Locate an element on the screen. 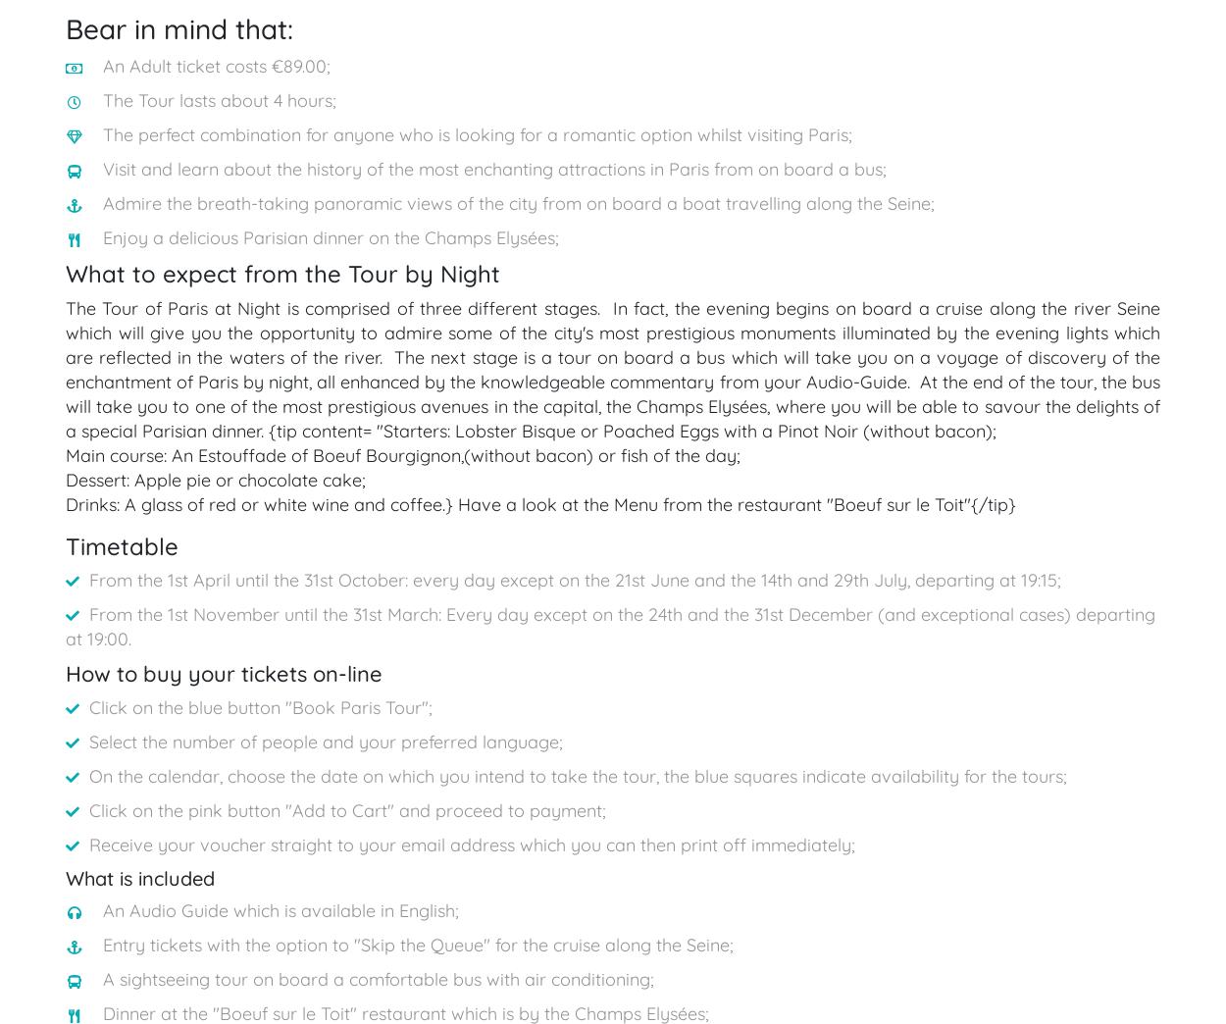  'Privacy Policy' is located at coordinates (904, 454).